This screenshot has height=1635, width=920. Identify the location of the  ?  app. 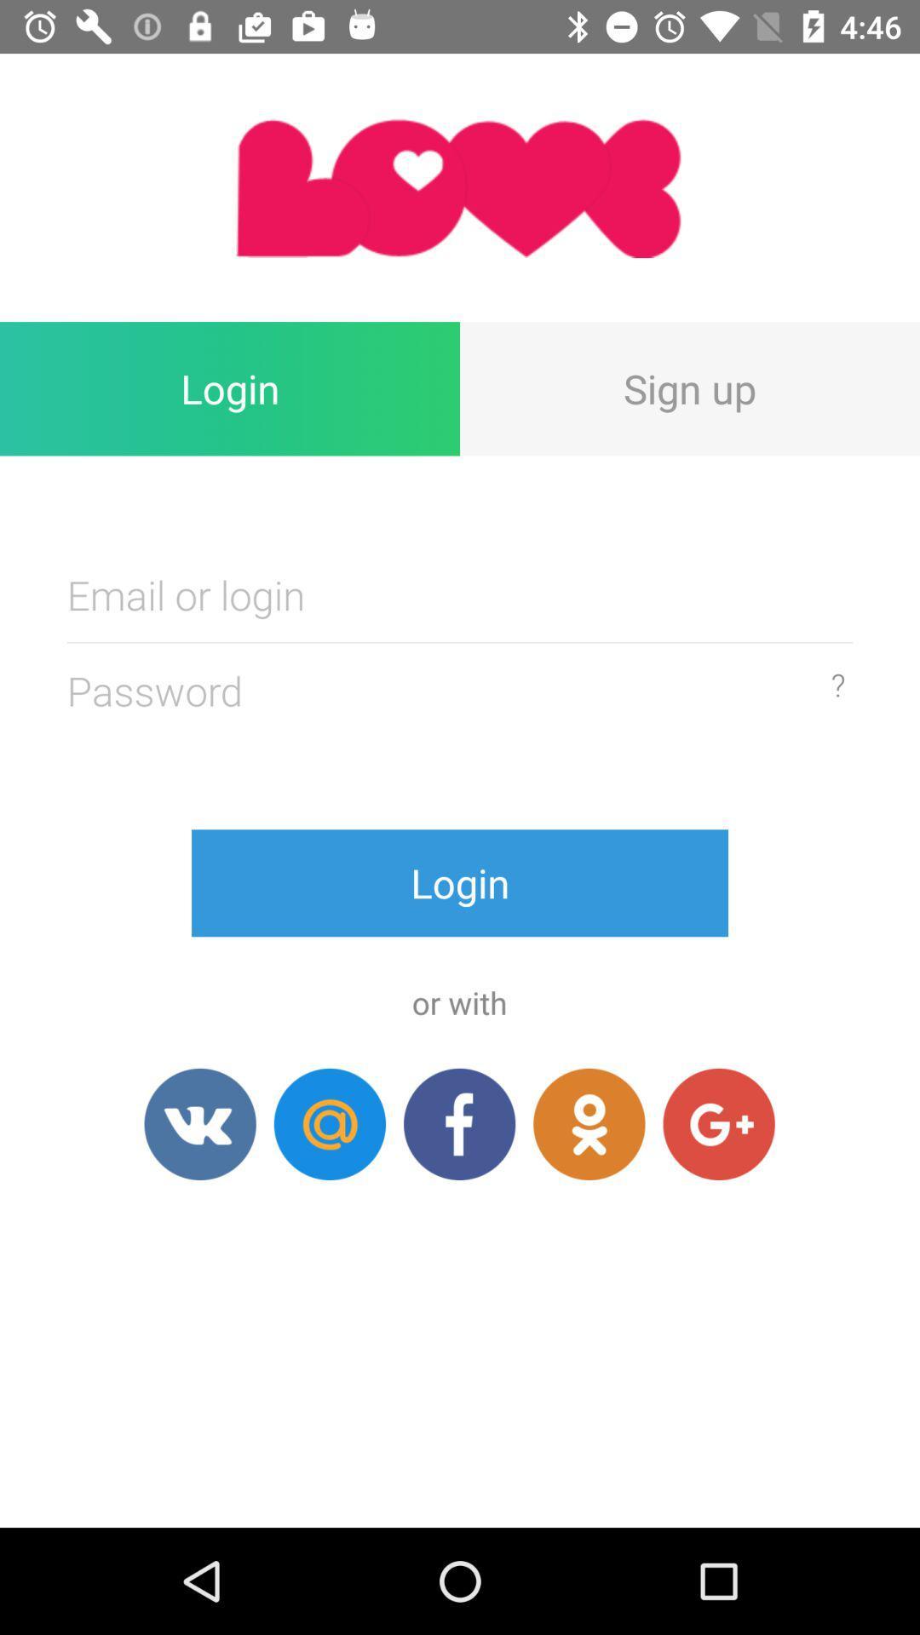
(837, 685).